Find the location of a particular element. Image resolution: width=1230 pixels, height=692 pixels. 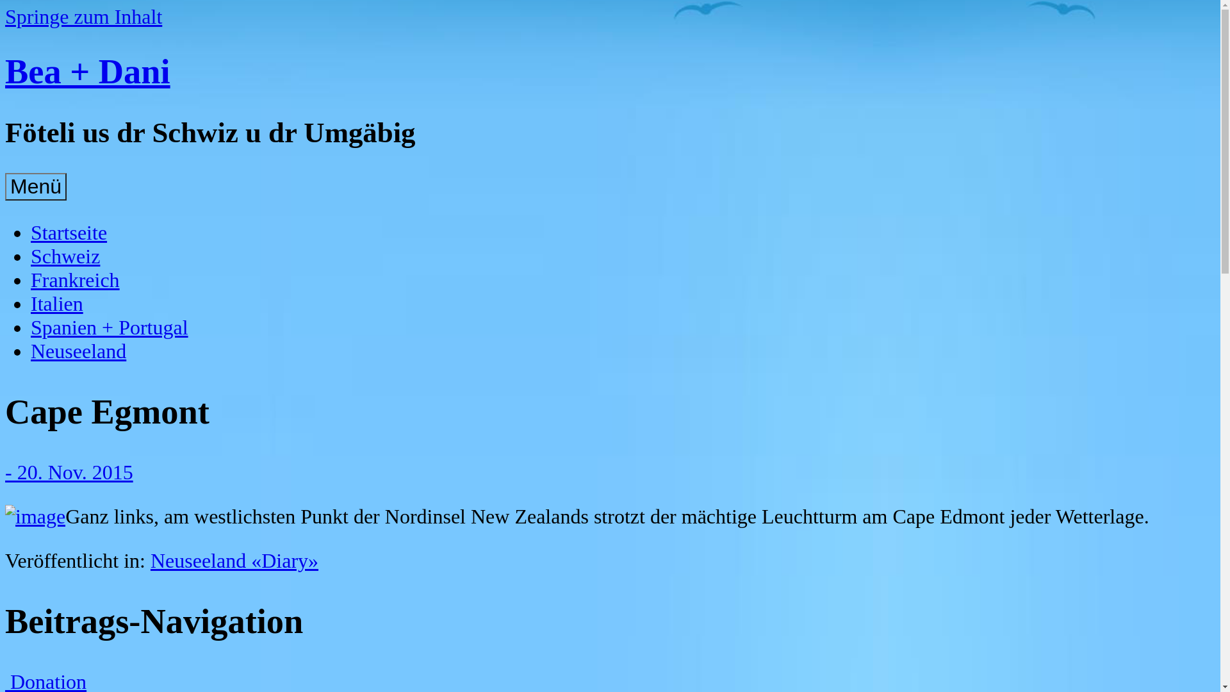

'Startseite' is located at coordinates (68, 232).